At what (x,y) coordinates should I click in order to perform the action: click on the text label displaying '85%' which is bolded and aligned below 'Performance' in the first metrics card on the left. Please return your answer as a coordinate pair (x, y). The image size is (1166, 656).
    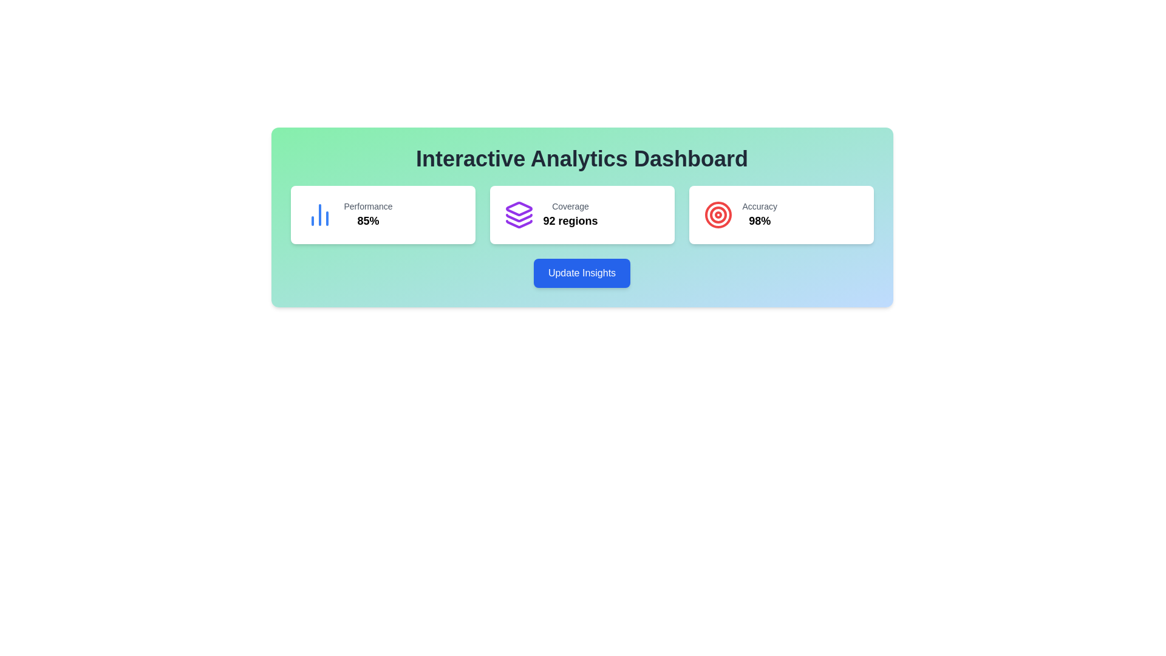
    Looking at the image, I should click on (367, 220).